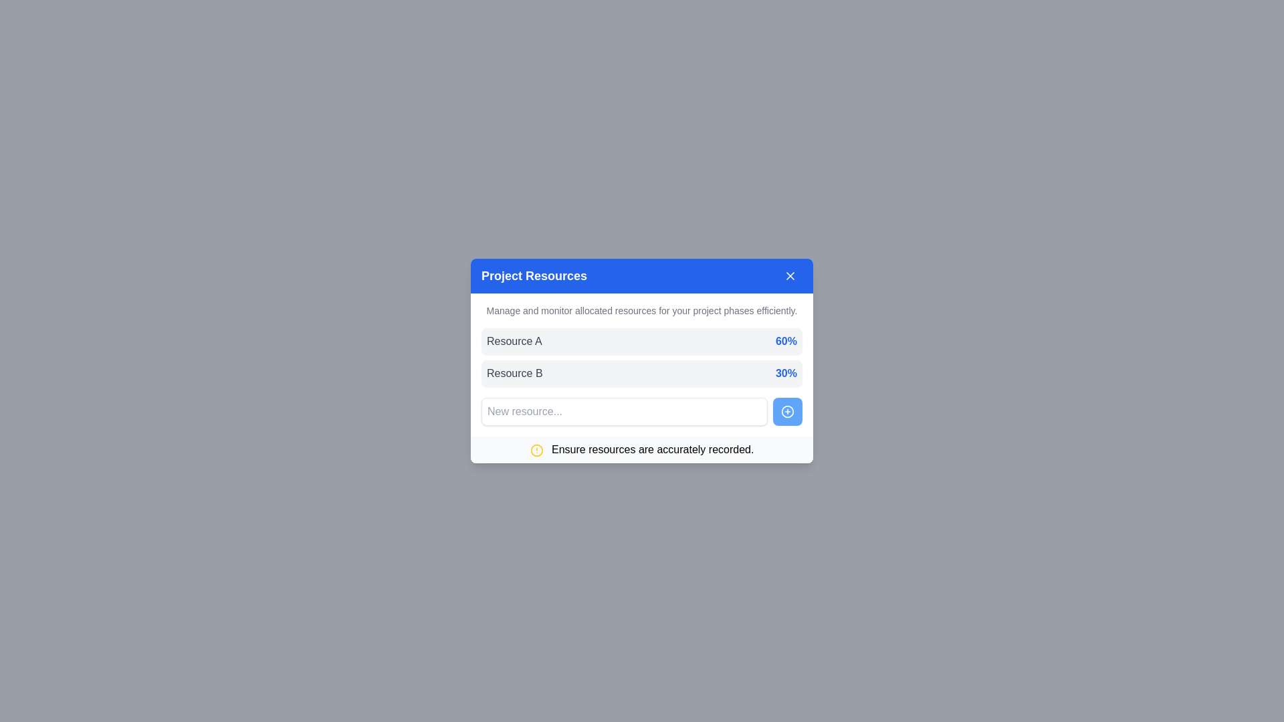 This screenshot has width=1284, height=722. What do you see at coordinates (787, 411) in the screenshot?
I see `the circular plus icon button with a blue background located at the bottom right corner of the 'Project Resources' dialog box` at bounding box center [787, 411].